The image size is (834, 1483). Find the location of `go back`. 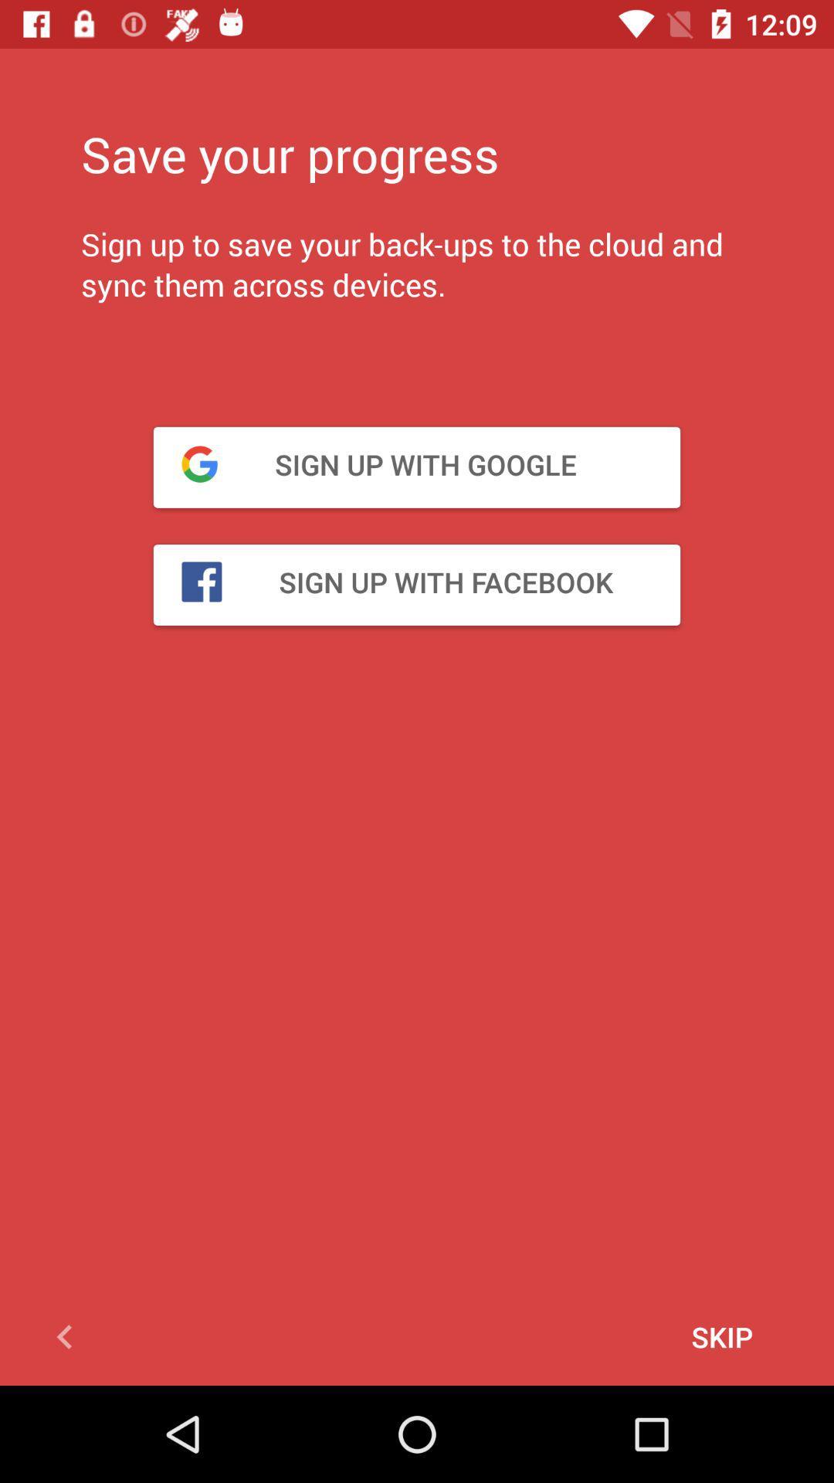

go back is located at coordinates (76, 1336).